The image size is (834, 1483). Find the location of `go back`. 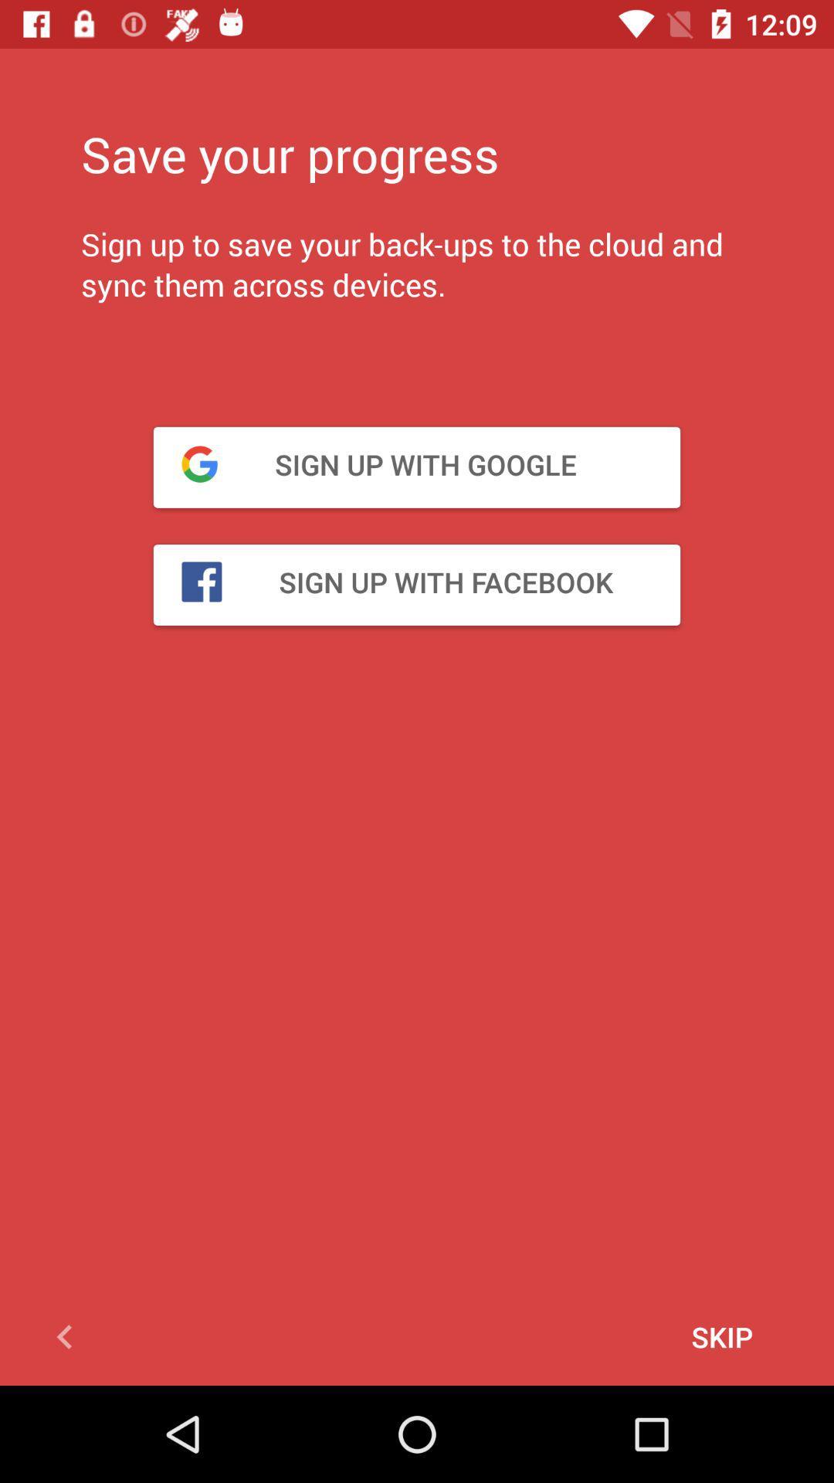

go back is located at coordinates (76, 1336).